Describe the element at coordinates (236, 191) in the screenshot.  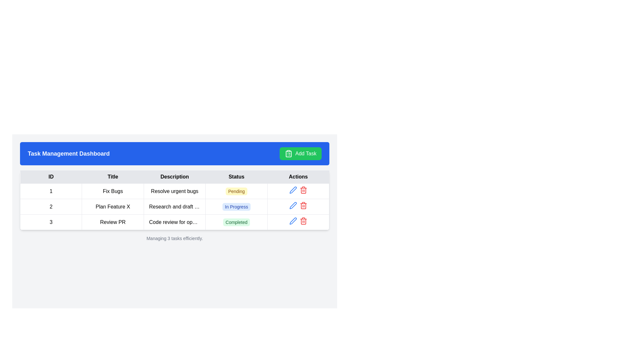
I see `status indicated by the Text Label in the 'Status' column of the table row labeled with ID '1', which currently shows 'Pending'` at that location.